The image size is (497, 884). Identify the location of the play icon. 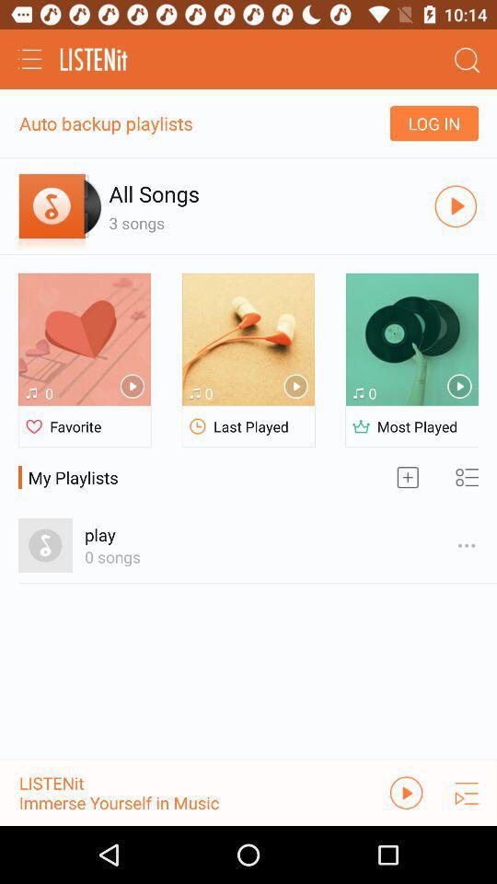
(406, 848).